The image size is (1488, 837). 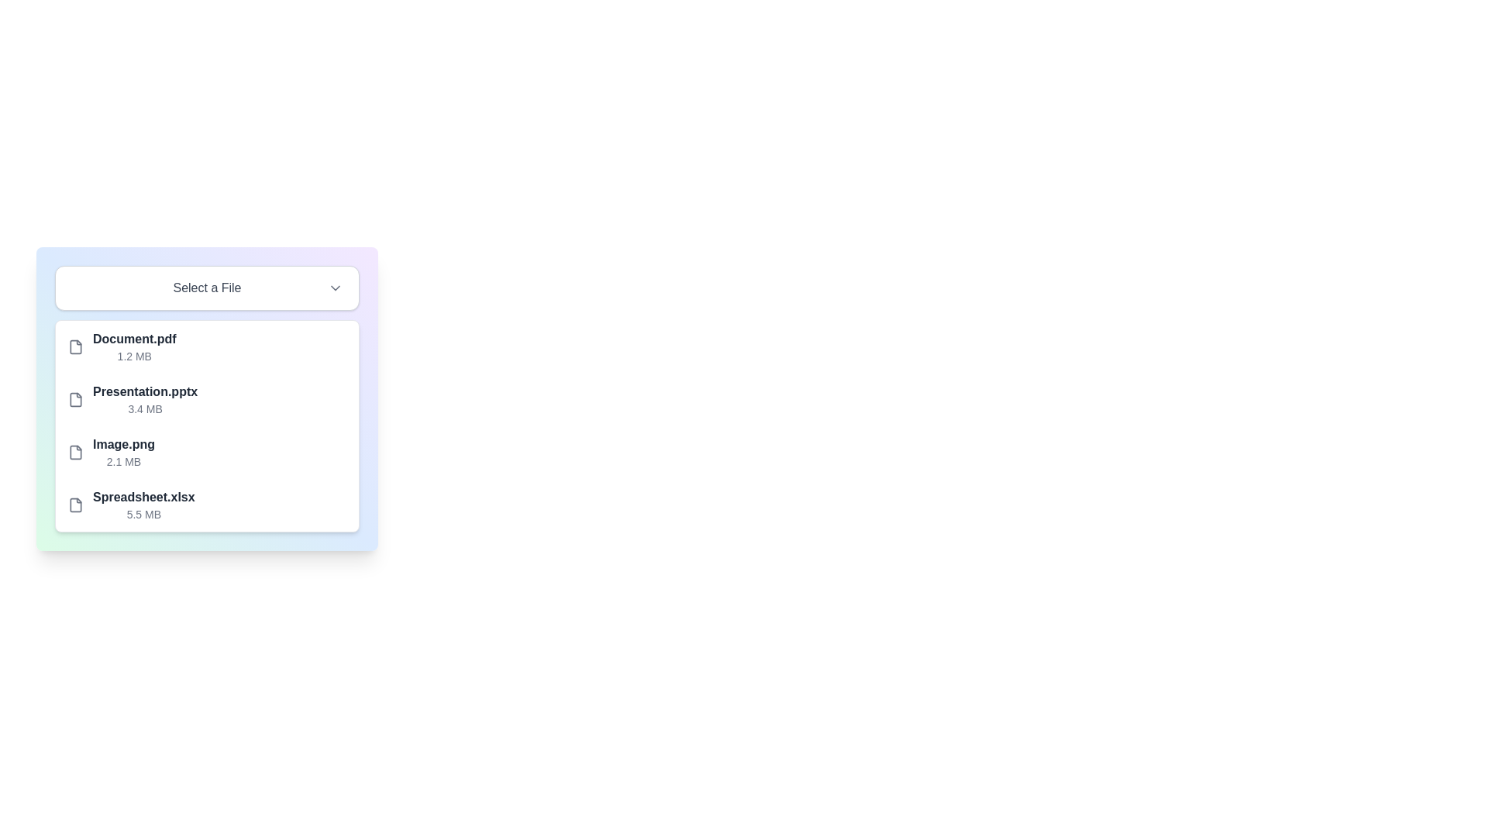 What do you see at coordinates (74, 505) in the screenshot?
I see `the document icon outline representing the file type associated with 'Spreadsheet.xlsx', which is the fourth entry in the file list` at bounding box center [74, 505].